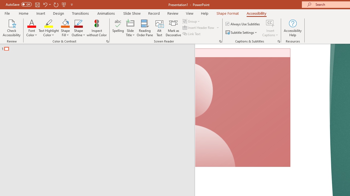  I want to click on 'Help', so click(204, 13).